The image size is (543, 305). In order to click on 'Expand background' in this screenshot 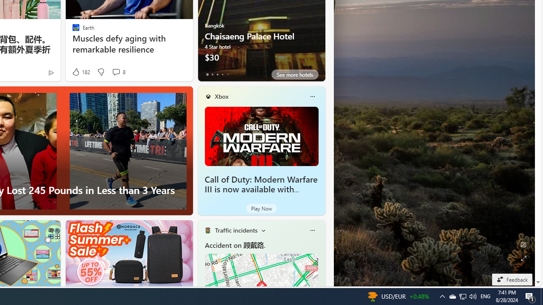, I will do `click(523, 258)`.